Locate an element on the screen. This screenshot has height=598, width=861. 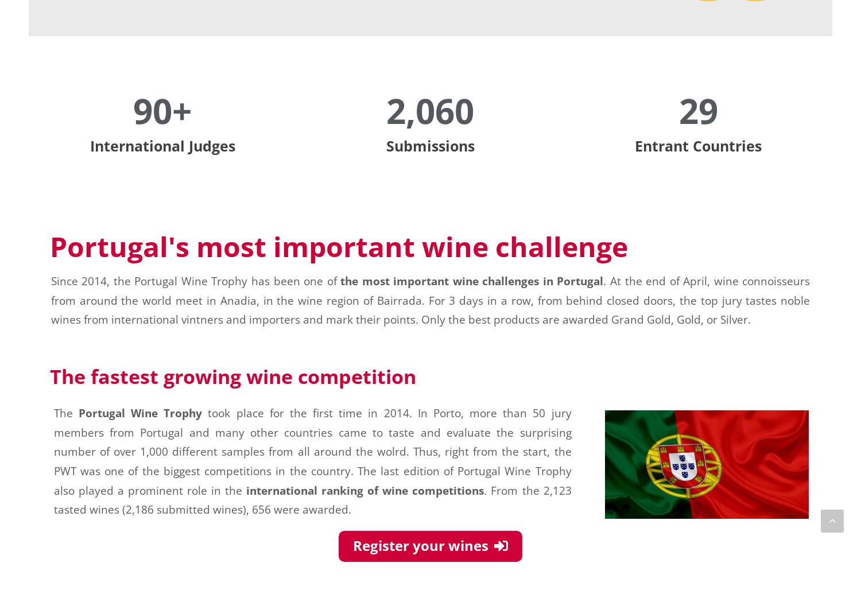
'The' is located at coordinates (65, 412).